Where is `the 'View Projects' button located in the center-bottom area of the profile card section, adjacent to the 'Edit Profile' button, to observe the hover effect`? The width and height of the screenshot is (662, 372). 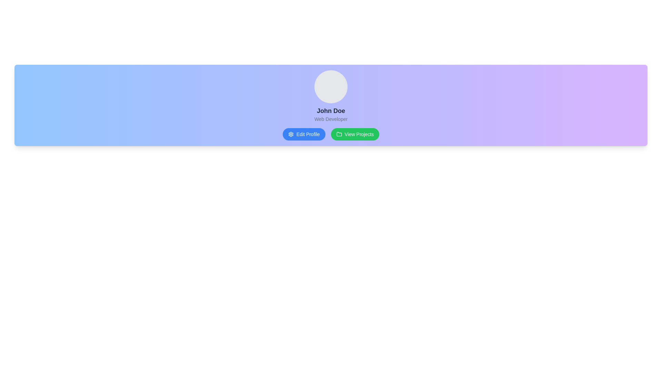
the 'View Projects' button located in the center-bottom area of the profile card section, adjacent to the 'Edit Profile' button, to observe the hover effect is located at coordinates (355, 134).